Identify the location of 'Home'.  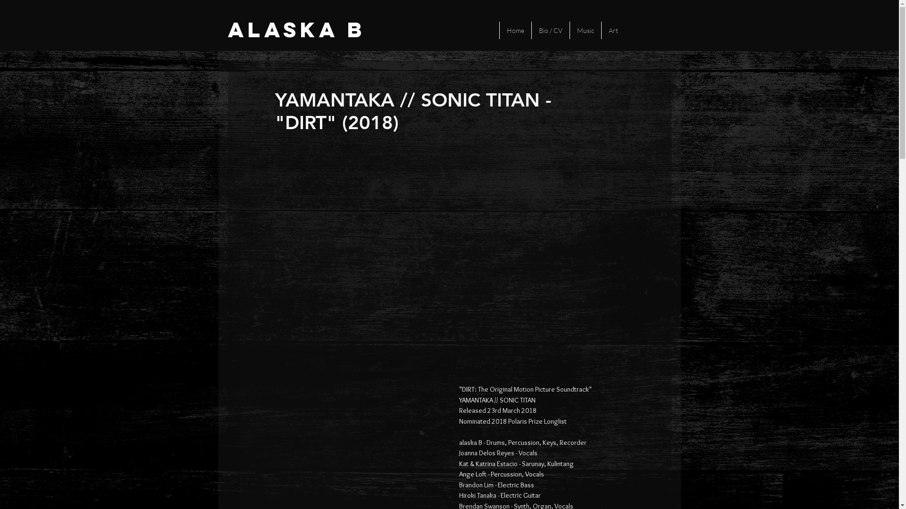
(498, 30).